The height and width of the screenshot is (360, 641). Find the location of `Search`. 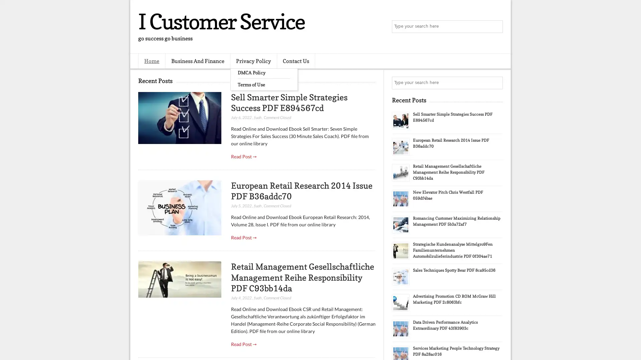

Search is located at coordinates (496, 27).